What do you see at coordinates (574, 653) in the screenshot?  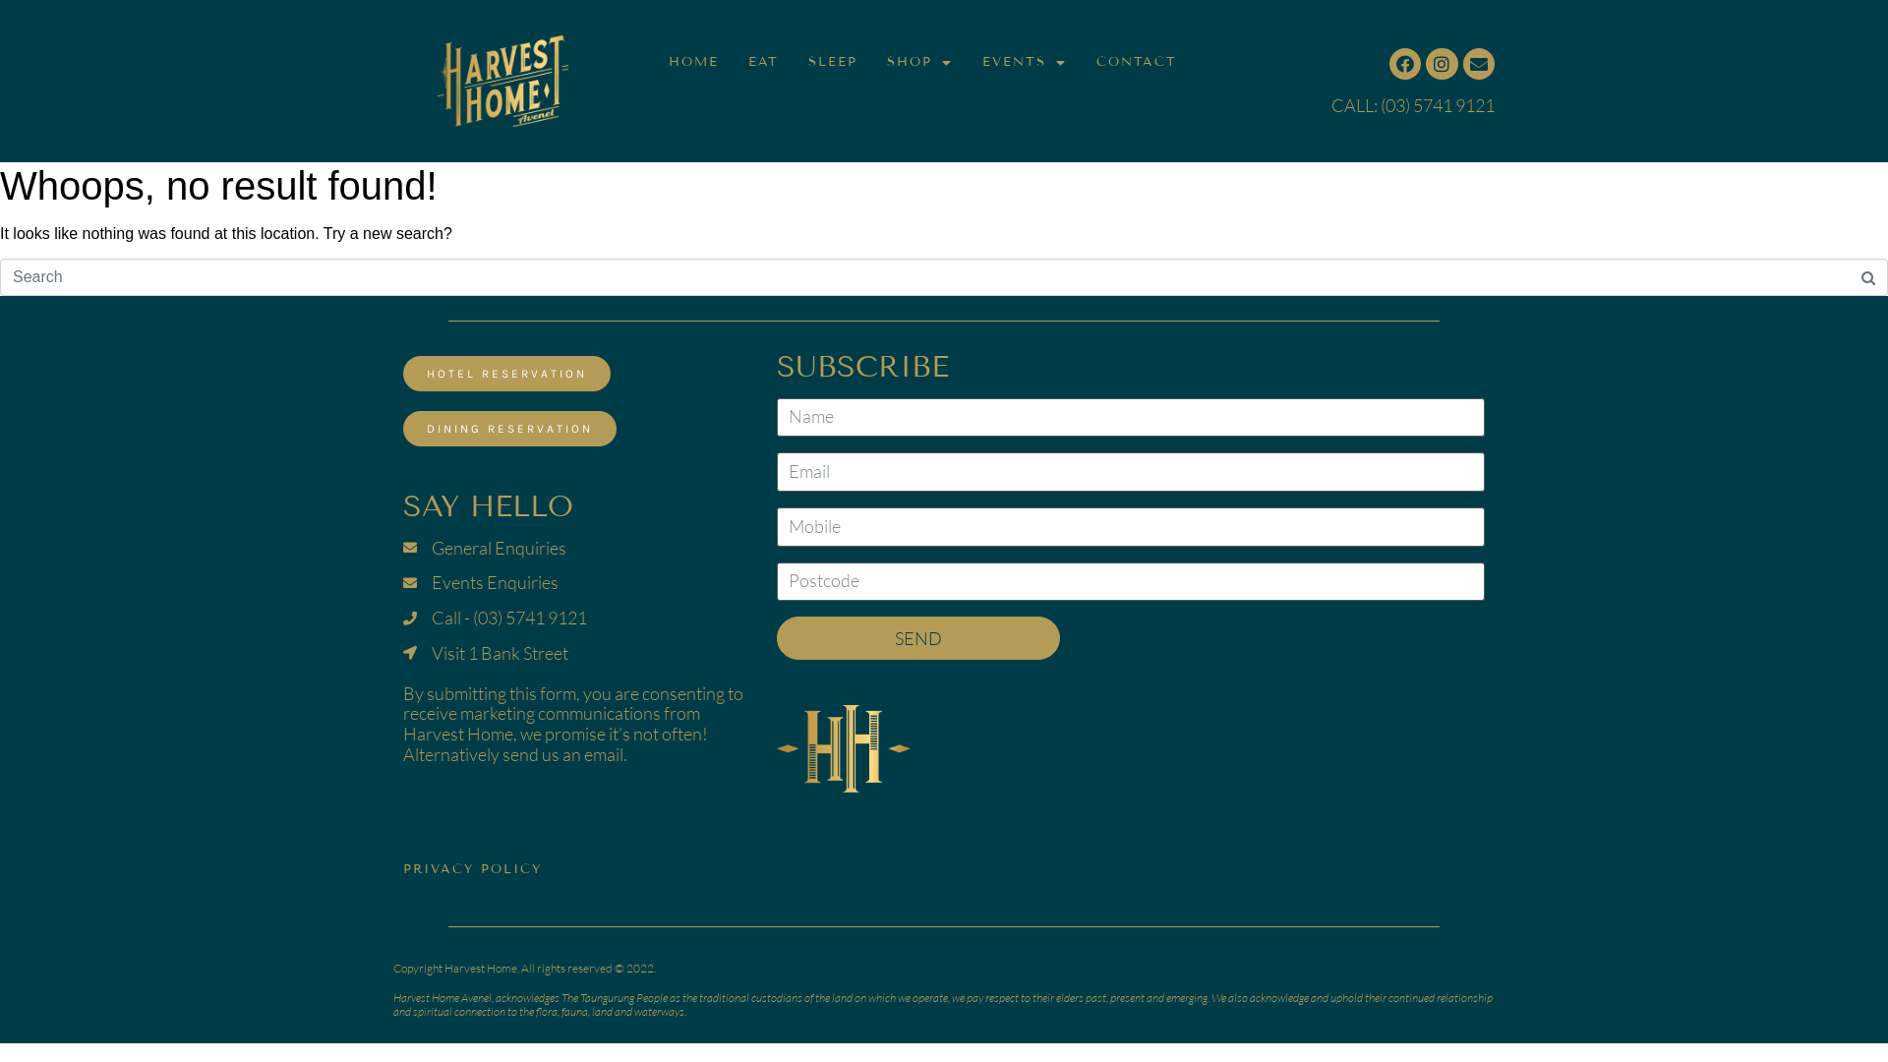 I see `'Visit 1 Bank Street'` at bounding box center [574, 653].